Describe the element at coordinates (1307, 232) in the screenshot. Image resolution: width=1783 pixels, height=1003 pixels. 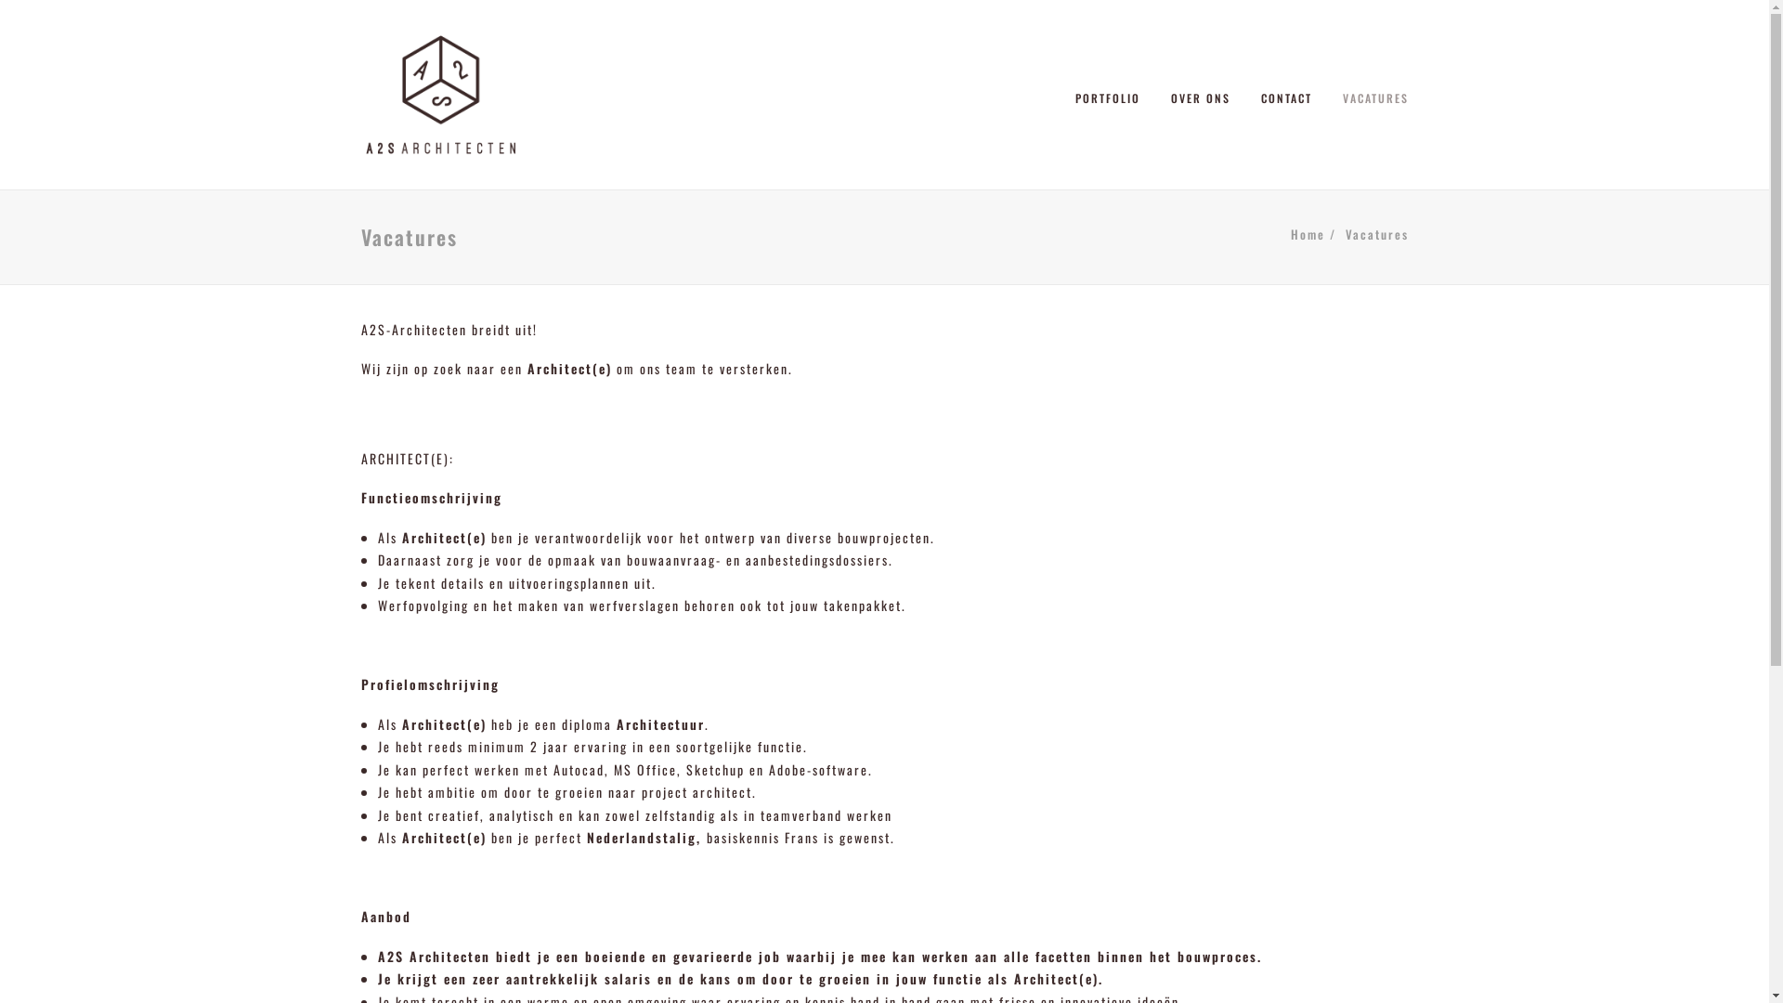
I see `'Home'` at that location.